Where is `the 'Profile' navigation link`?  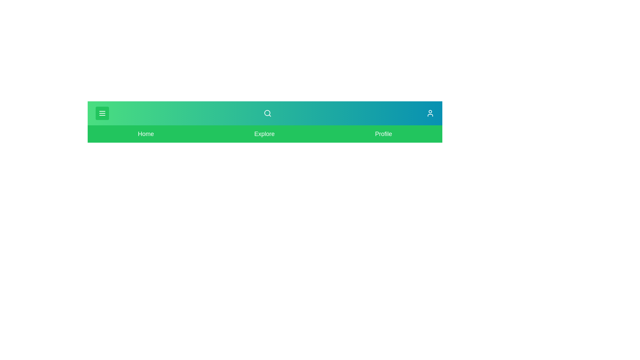
the 'Profile' navigation link is located at coordinates (383, 134).